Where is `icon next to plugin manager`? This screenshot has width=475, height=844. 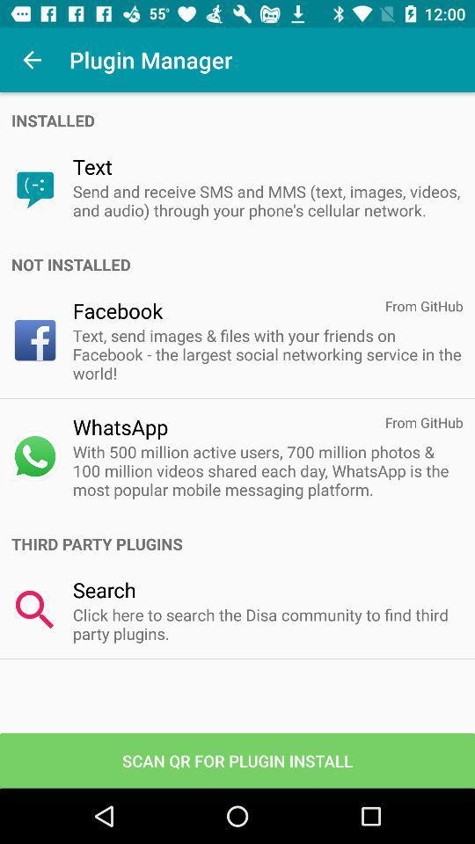 icon next to plugin manager is located at coordinates (32, 60).